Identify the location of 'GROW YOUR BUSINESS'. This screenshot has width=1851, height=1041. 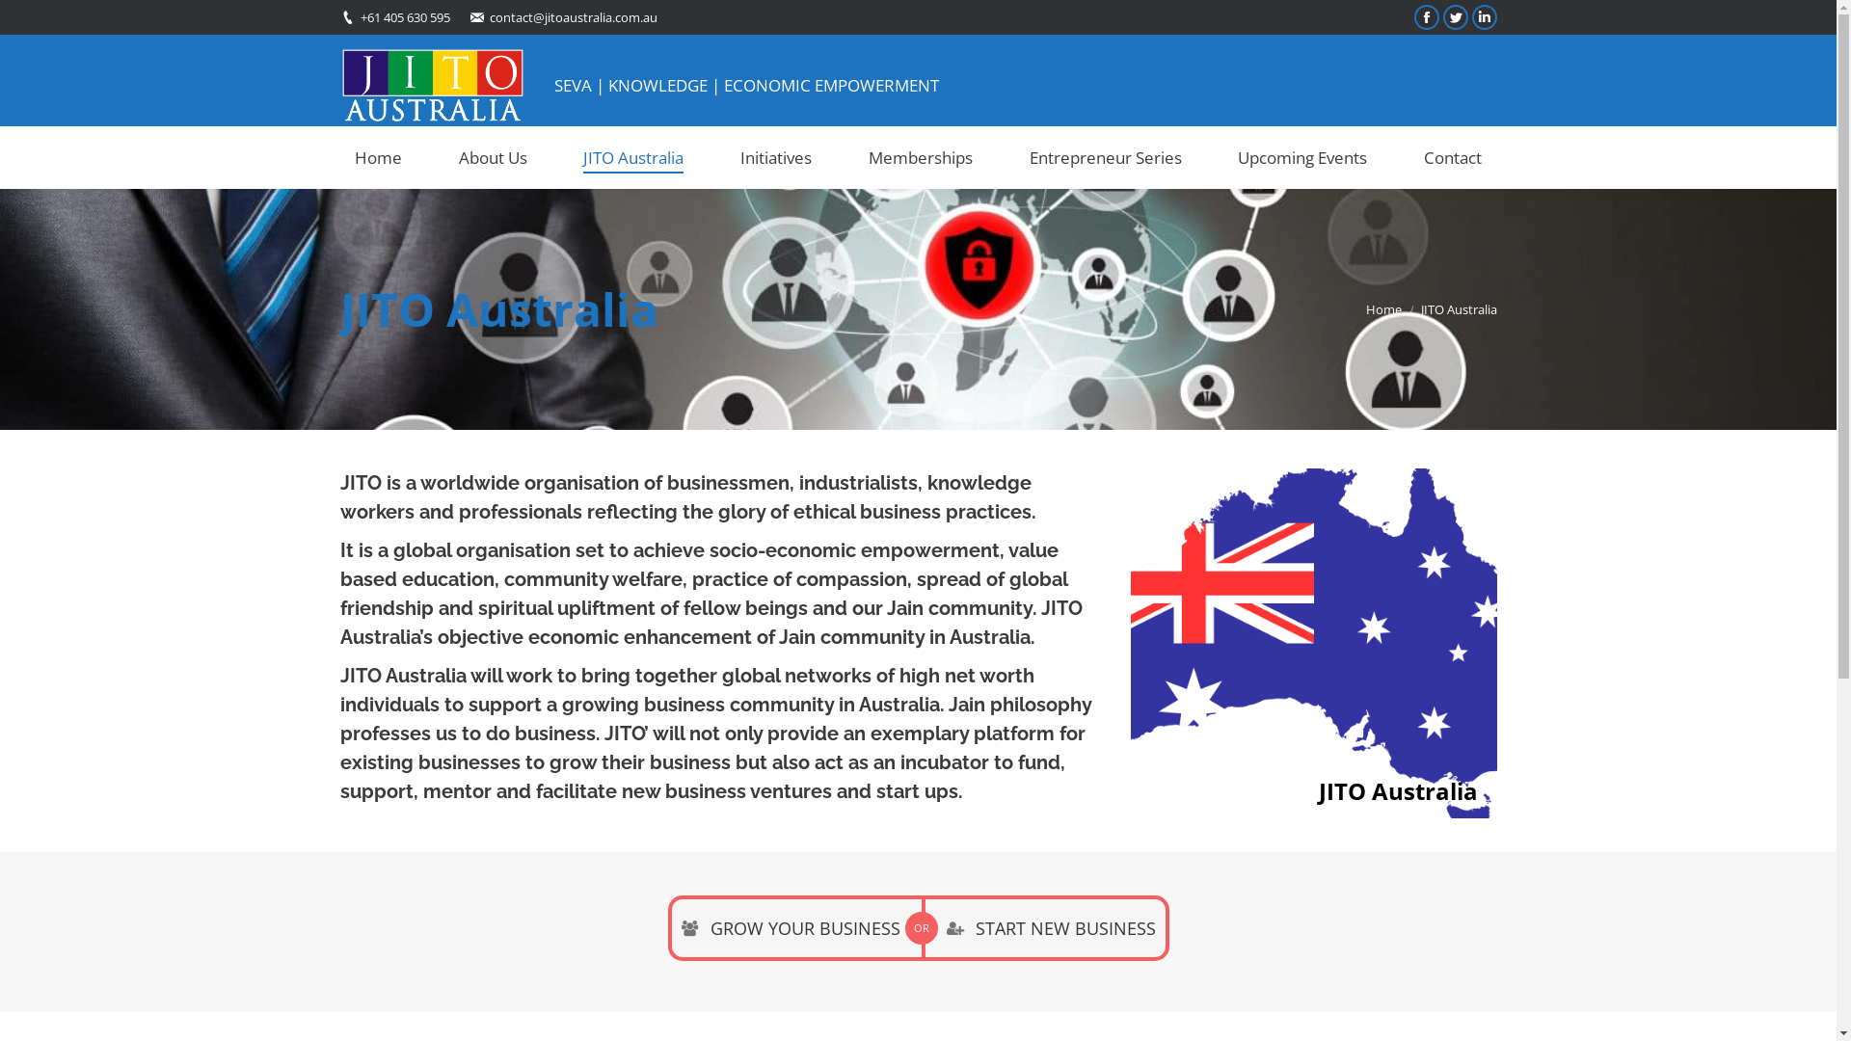
(793, 927).